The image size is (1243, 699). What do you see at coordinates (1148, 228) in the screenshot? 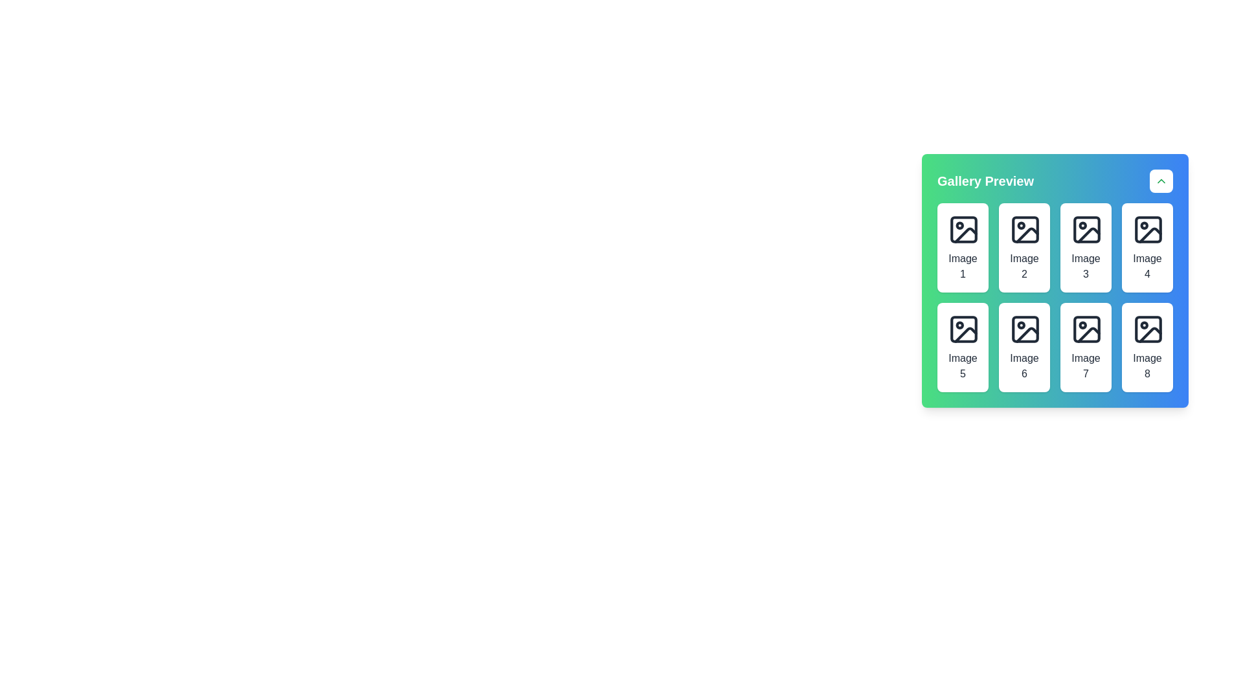
I see `the icon representing 'Image 4'` at bounding box center [1148, 228].